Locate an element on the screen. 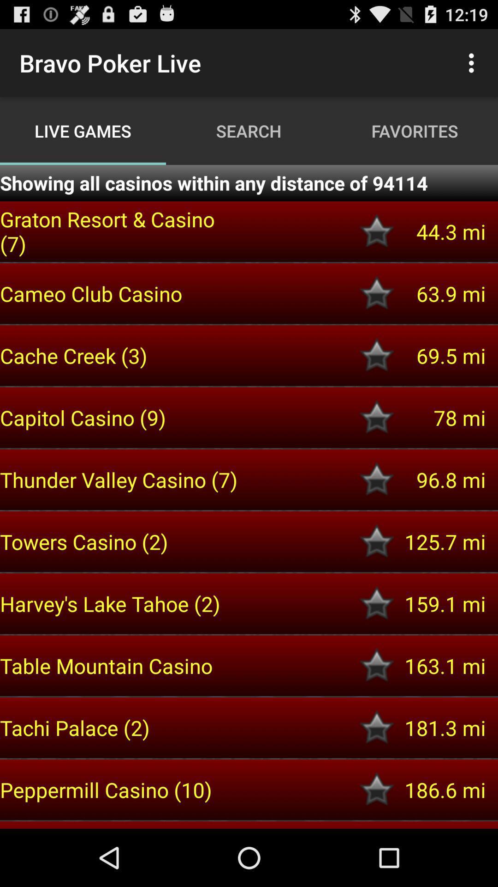 This screenshot has height=887, width=498. bookmark this location is located at coordinates (377, 355).